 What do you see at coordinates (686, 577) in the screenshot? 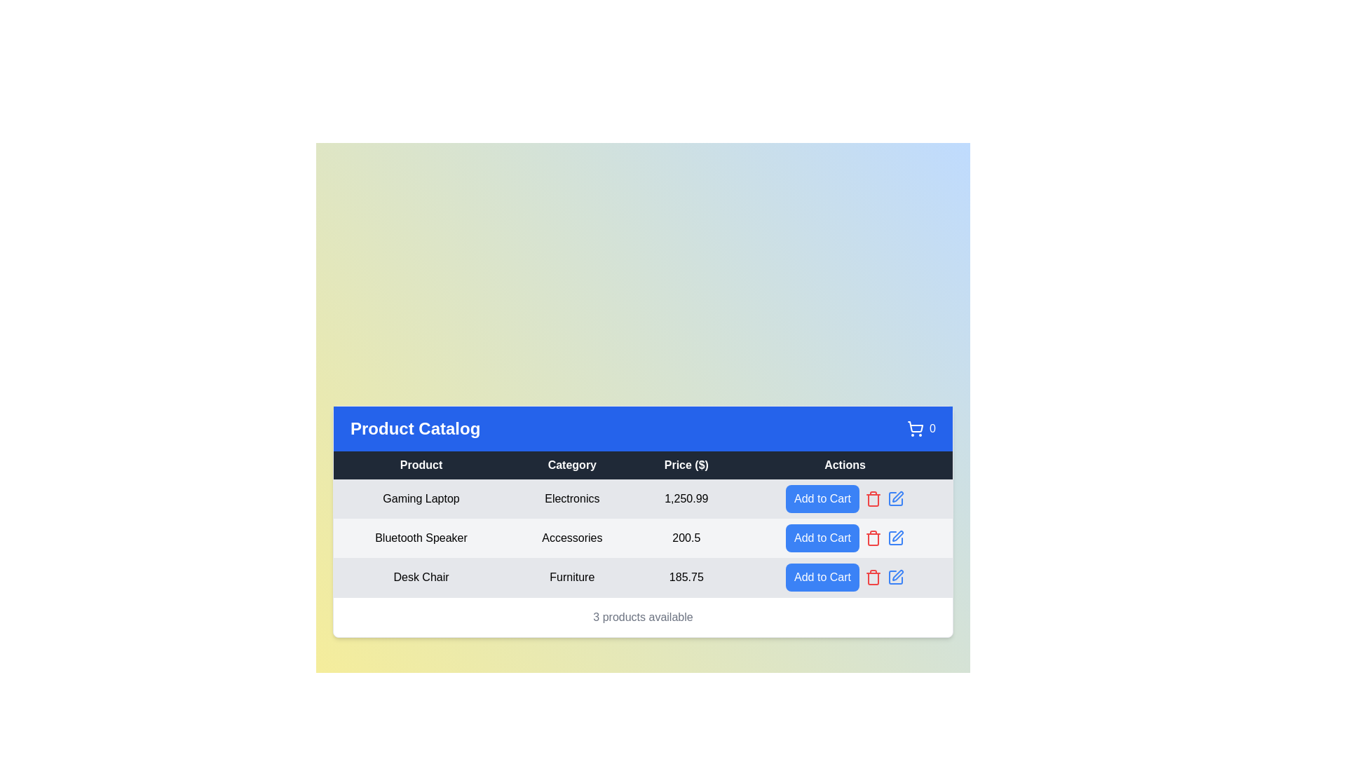
I see `the static text label displaying the price '185.75' for the product 'Desk Chair', located in the third row of a table under the 'Price ($)' column` at bounding box center [686, 577].